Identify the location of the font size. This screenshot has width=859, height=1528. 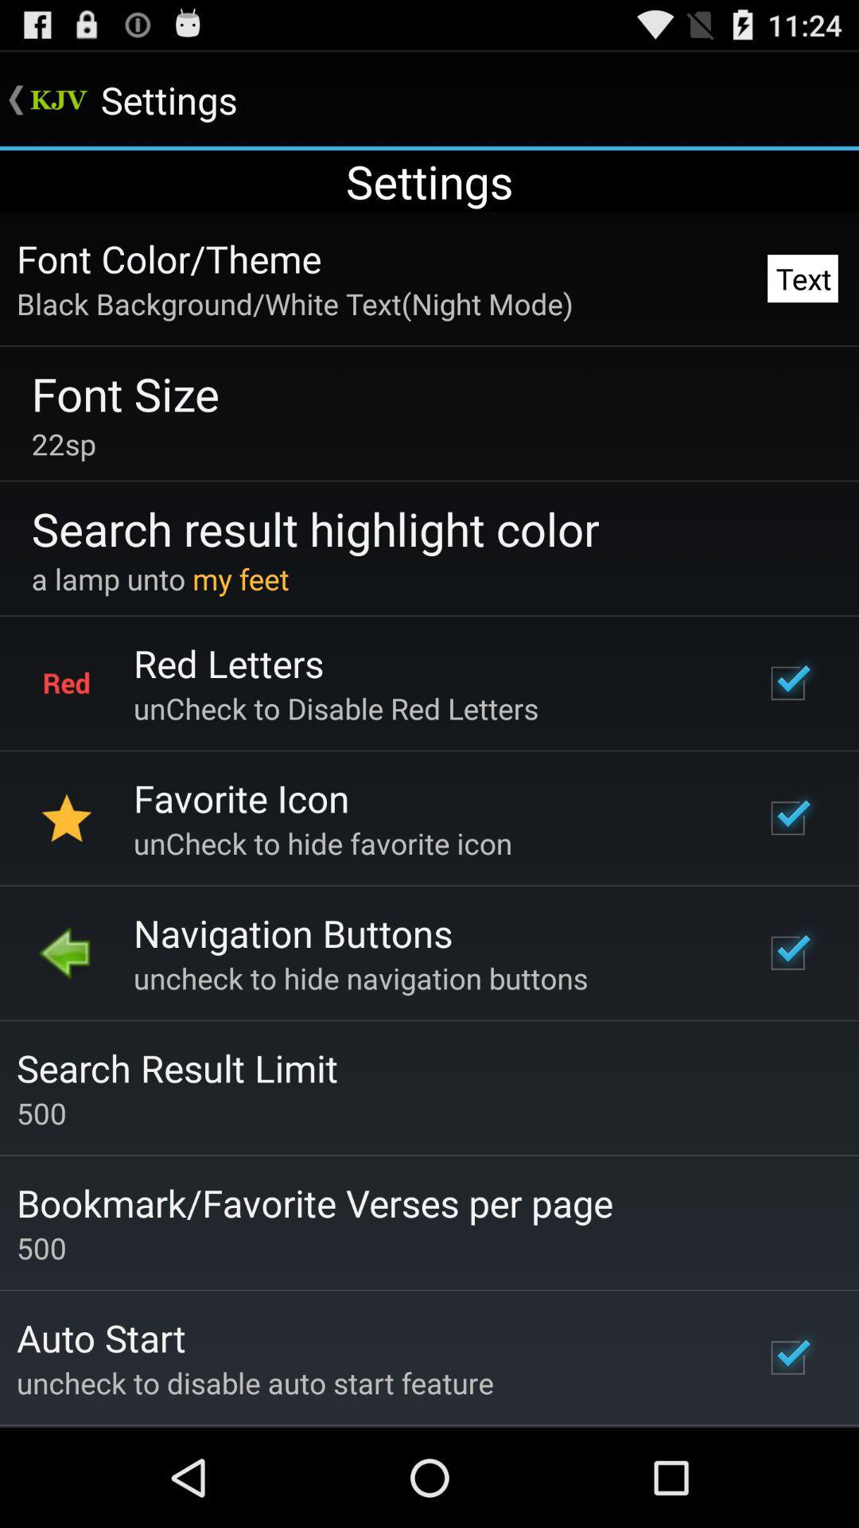
(124, 393).